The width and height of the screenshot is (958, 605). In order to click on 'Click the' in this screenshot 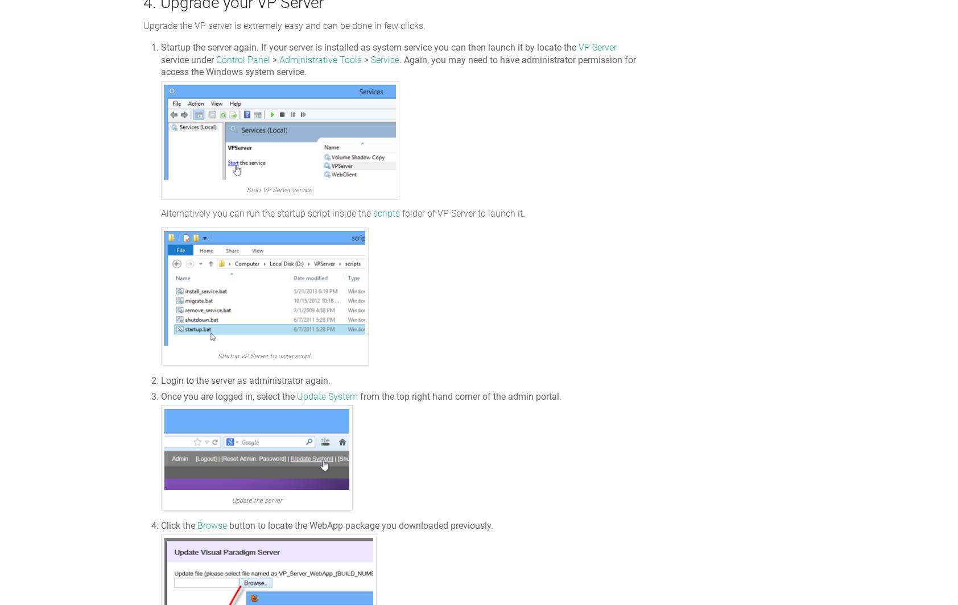, I will do `click(161, 524)`.